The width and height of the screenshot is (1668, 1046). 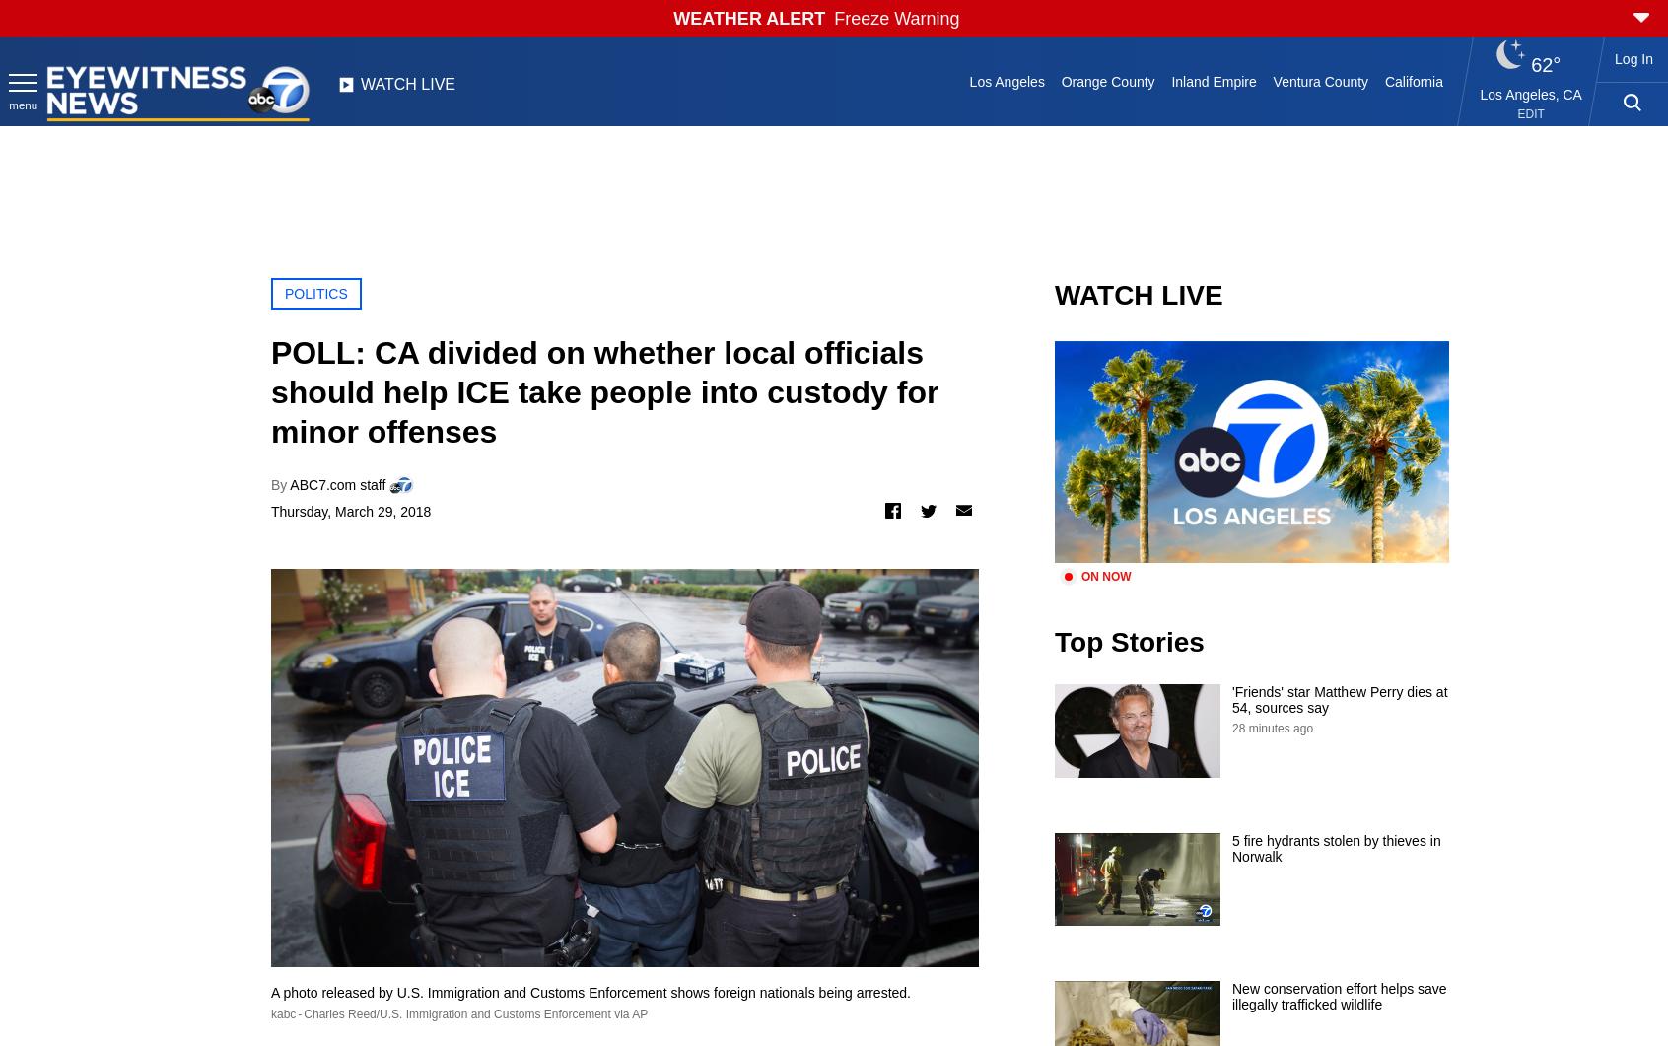 What do you see at coordinates (314, 293) in the screenshot?
I see `'POLITICS'` at bounding box center [314, 293].